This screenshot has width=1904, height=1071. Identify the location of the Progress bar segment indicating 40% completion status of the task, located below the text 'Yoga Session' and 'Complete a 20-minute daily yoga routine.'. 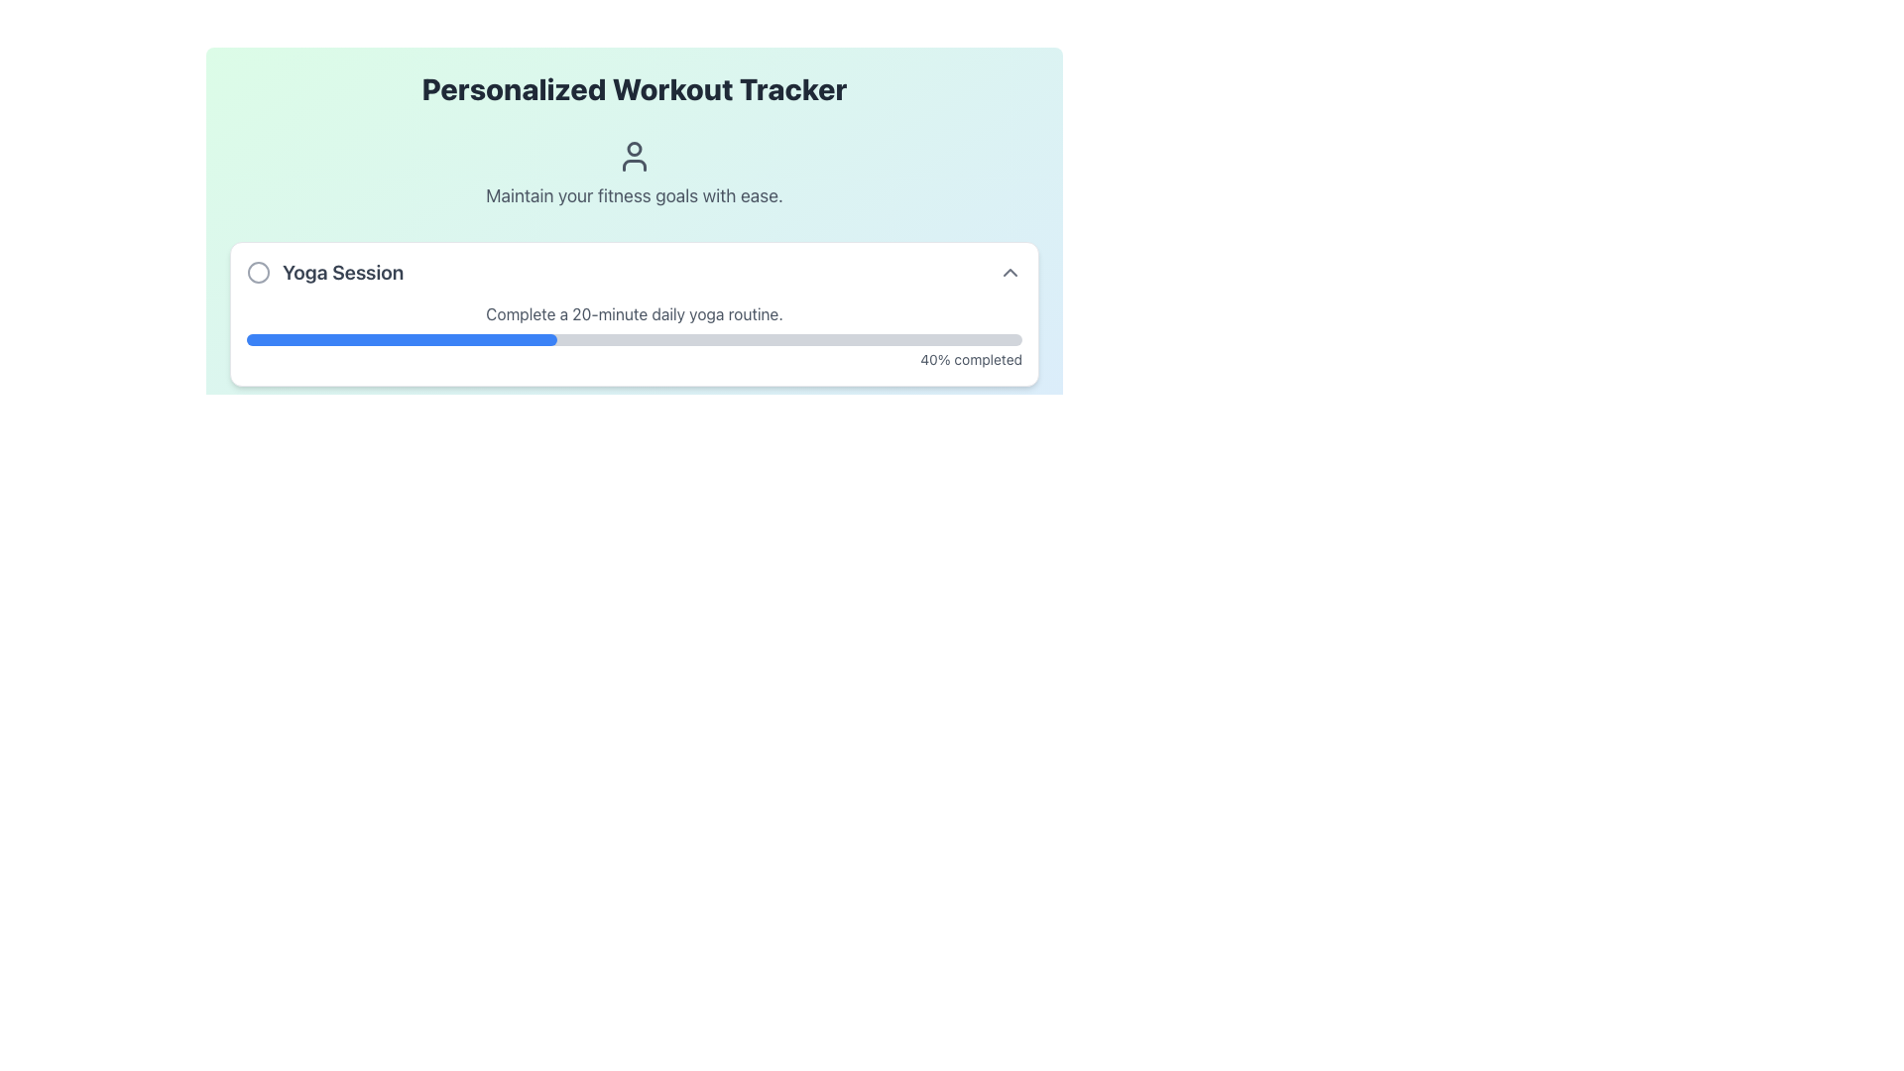
(401, 339).